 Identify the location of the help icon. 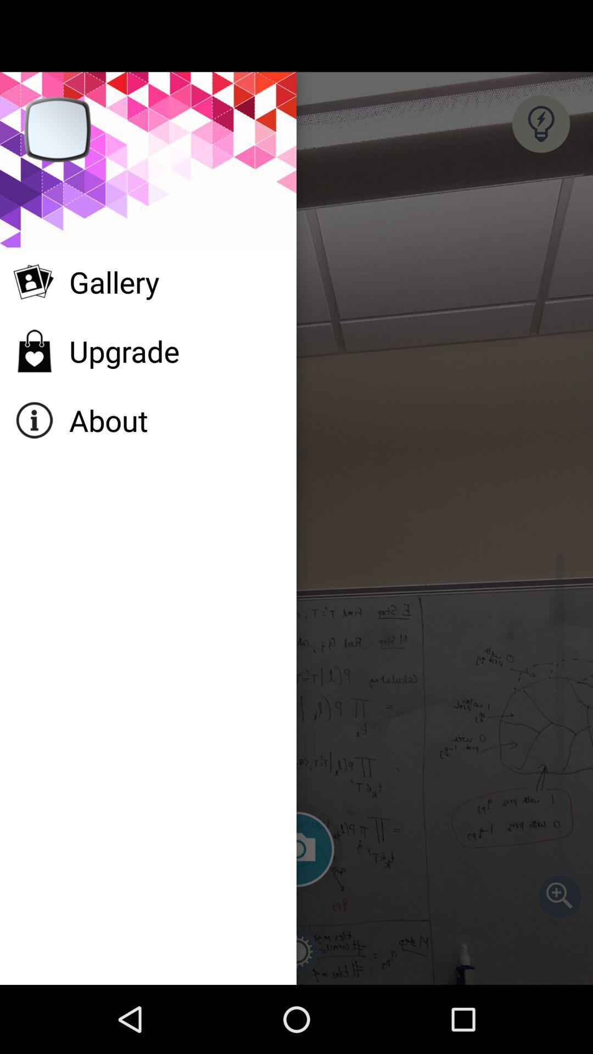
(540, 124).